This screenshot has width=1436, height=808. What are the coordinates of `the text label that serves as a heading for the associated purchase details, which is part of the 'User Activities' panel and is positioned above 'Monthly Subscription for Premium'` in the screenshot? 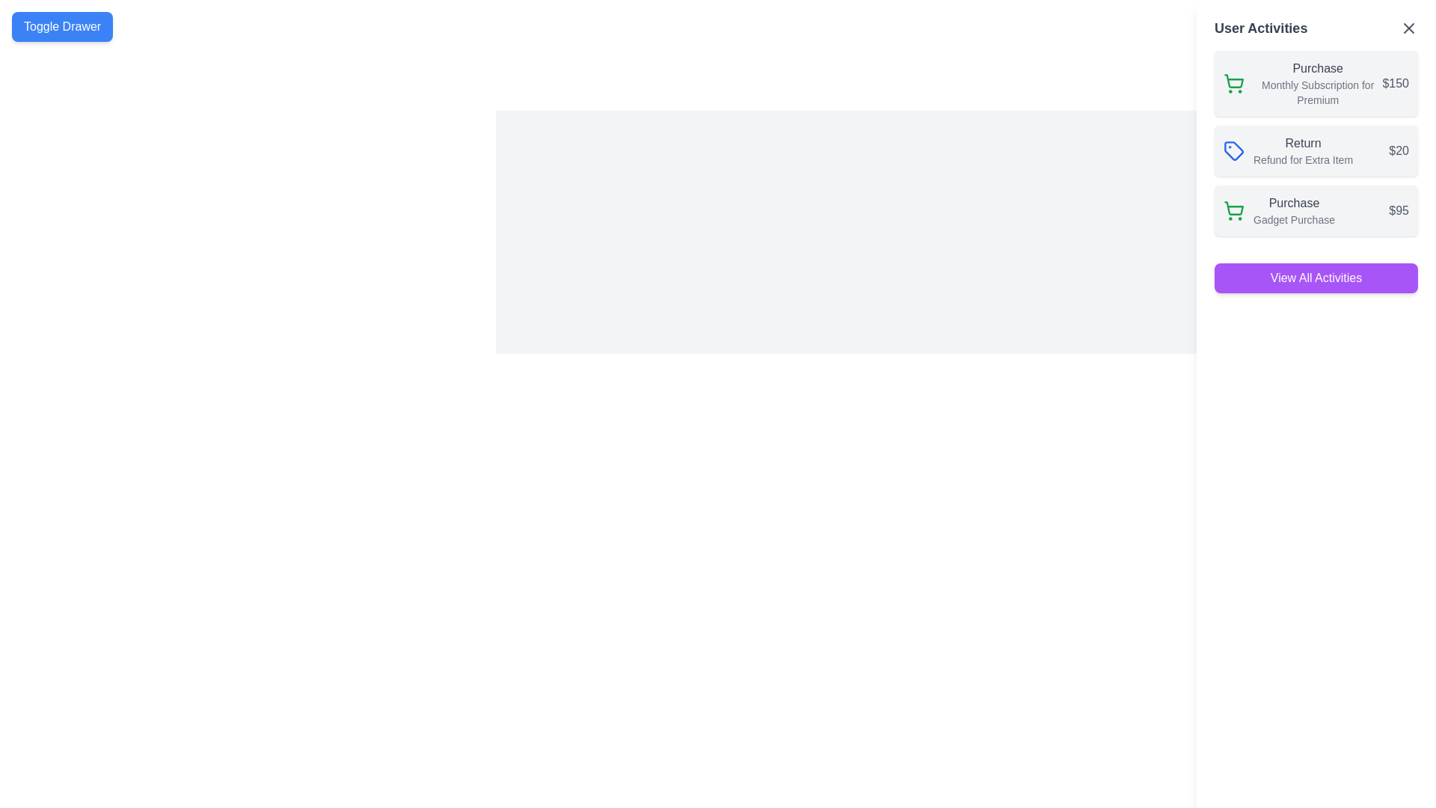 It's located at (1318, 69).